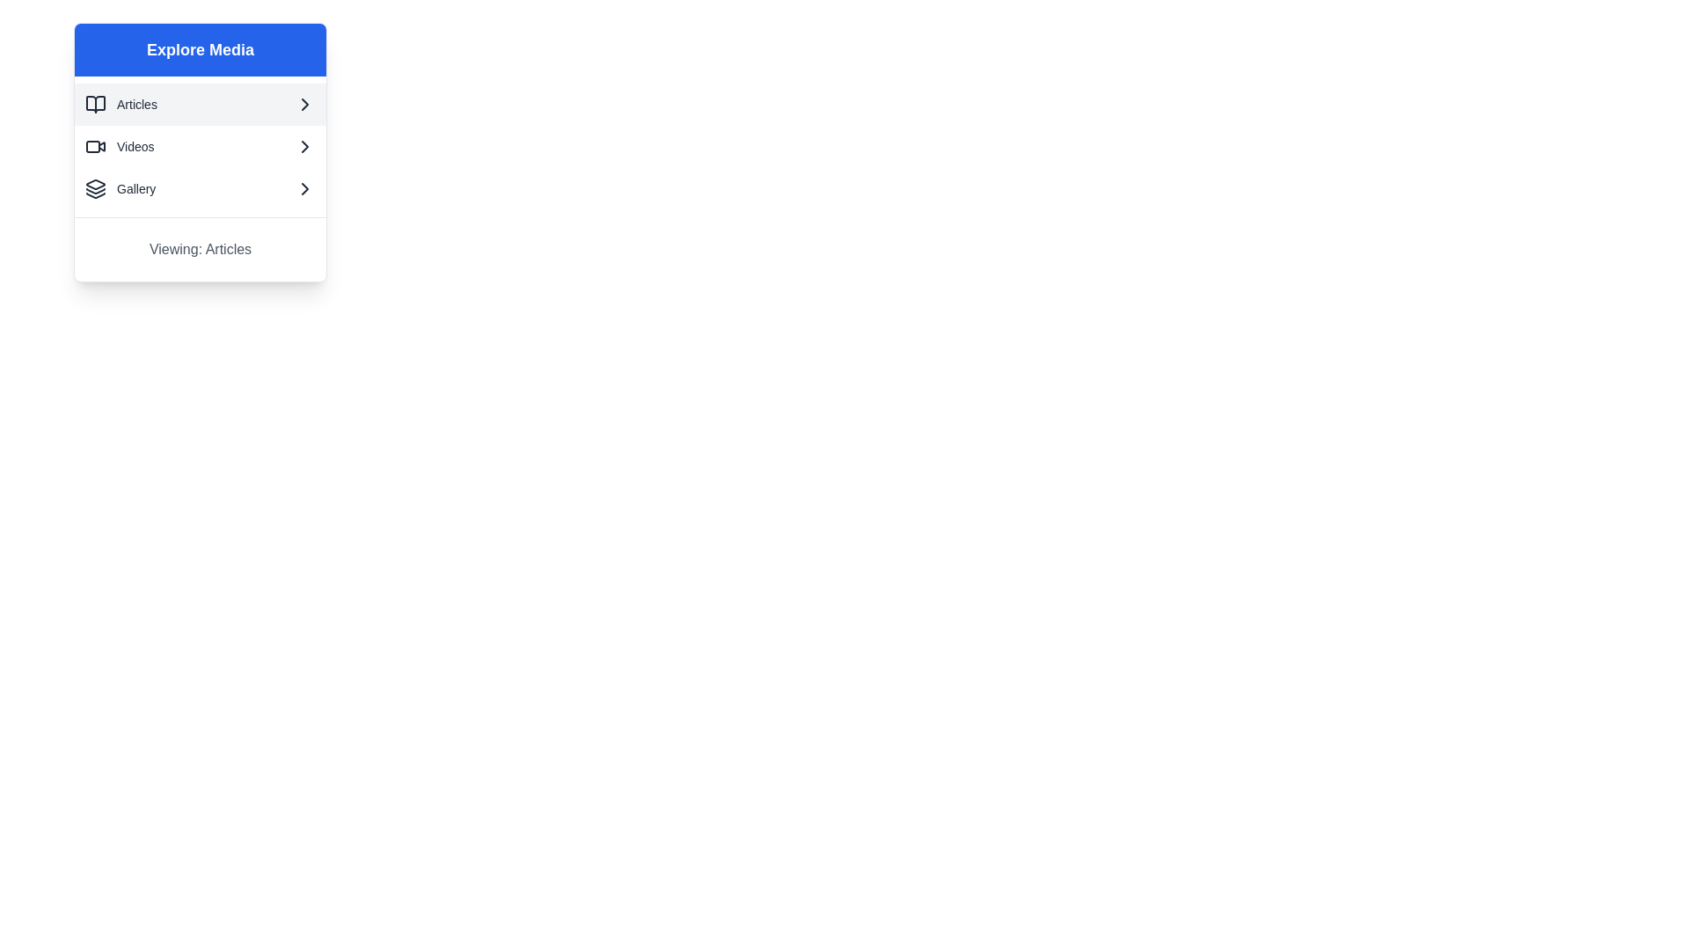  Describe the element at coordinates (304, 105) in the screenshot. I see `the chevron arrow icon pointing` at that location.